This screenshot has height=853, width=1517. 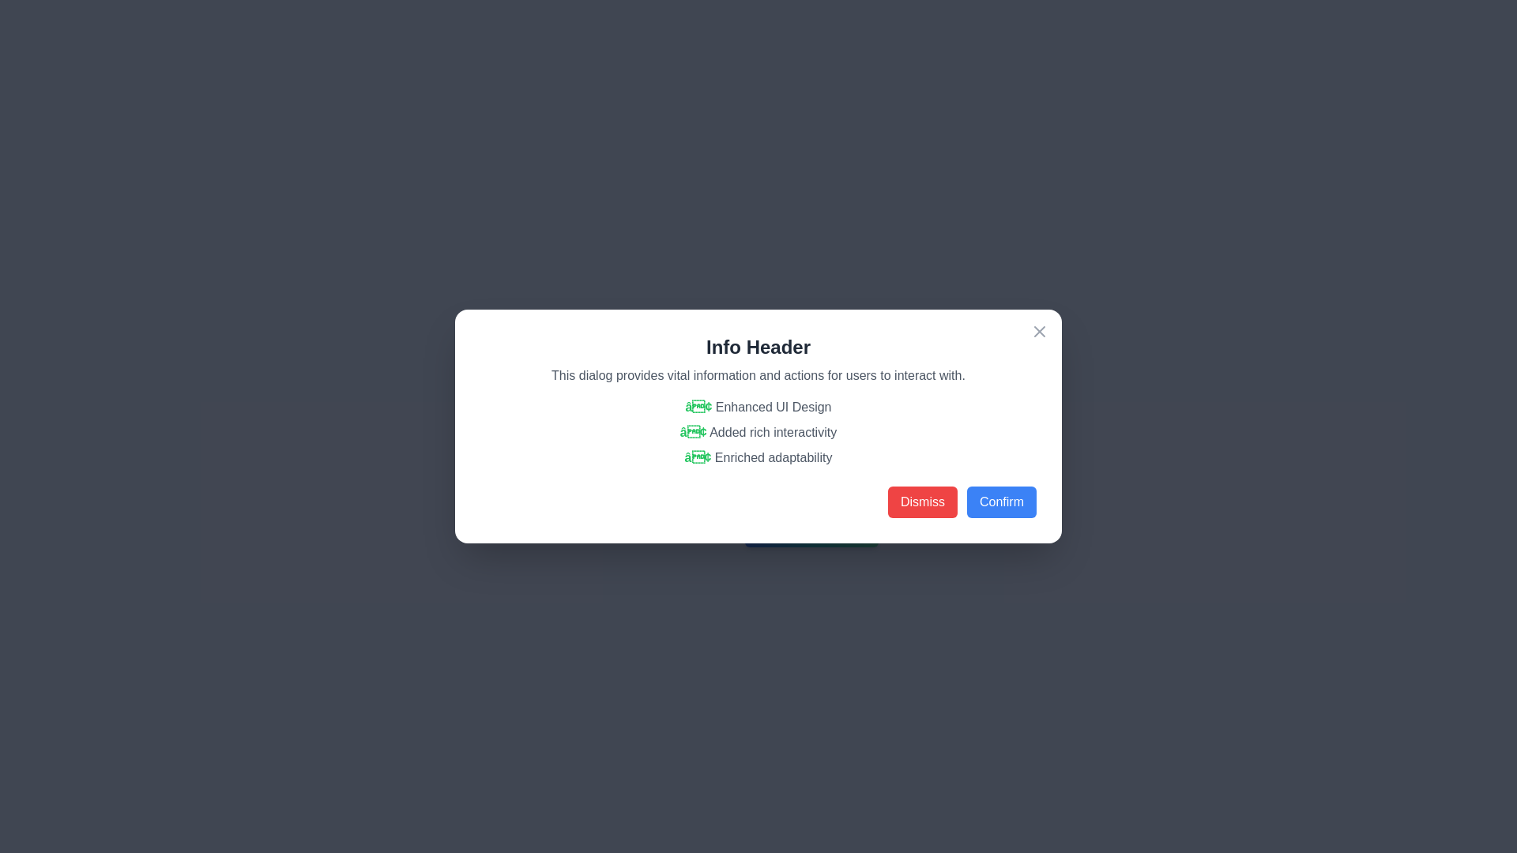 I want to click on styled bullet points list containing 'Enhanced UI Design,' 'Added rich interactivity,' and 'Enriched adaptability' located in the middle portion of the dialog box, so click(x=758, y=432).